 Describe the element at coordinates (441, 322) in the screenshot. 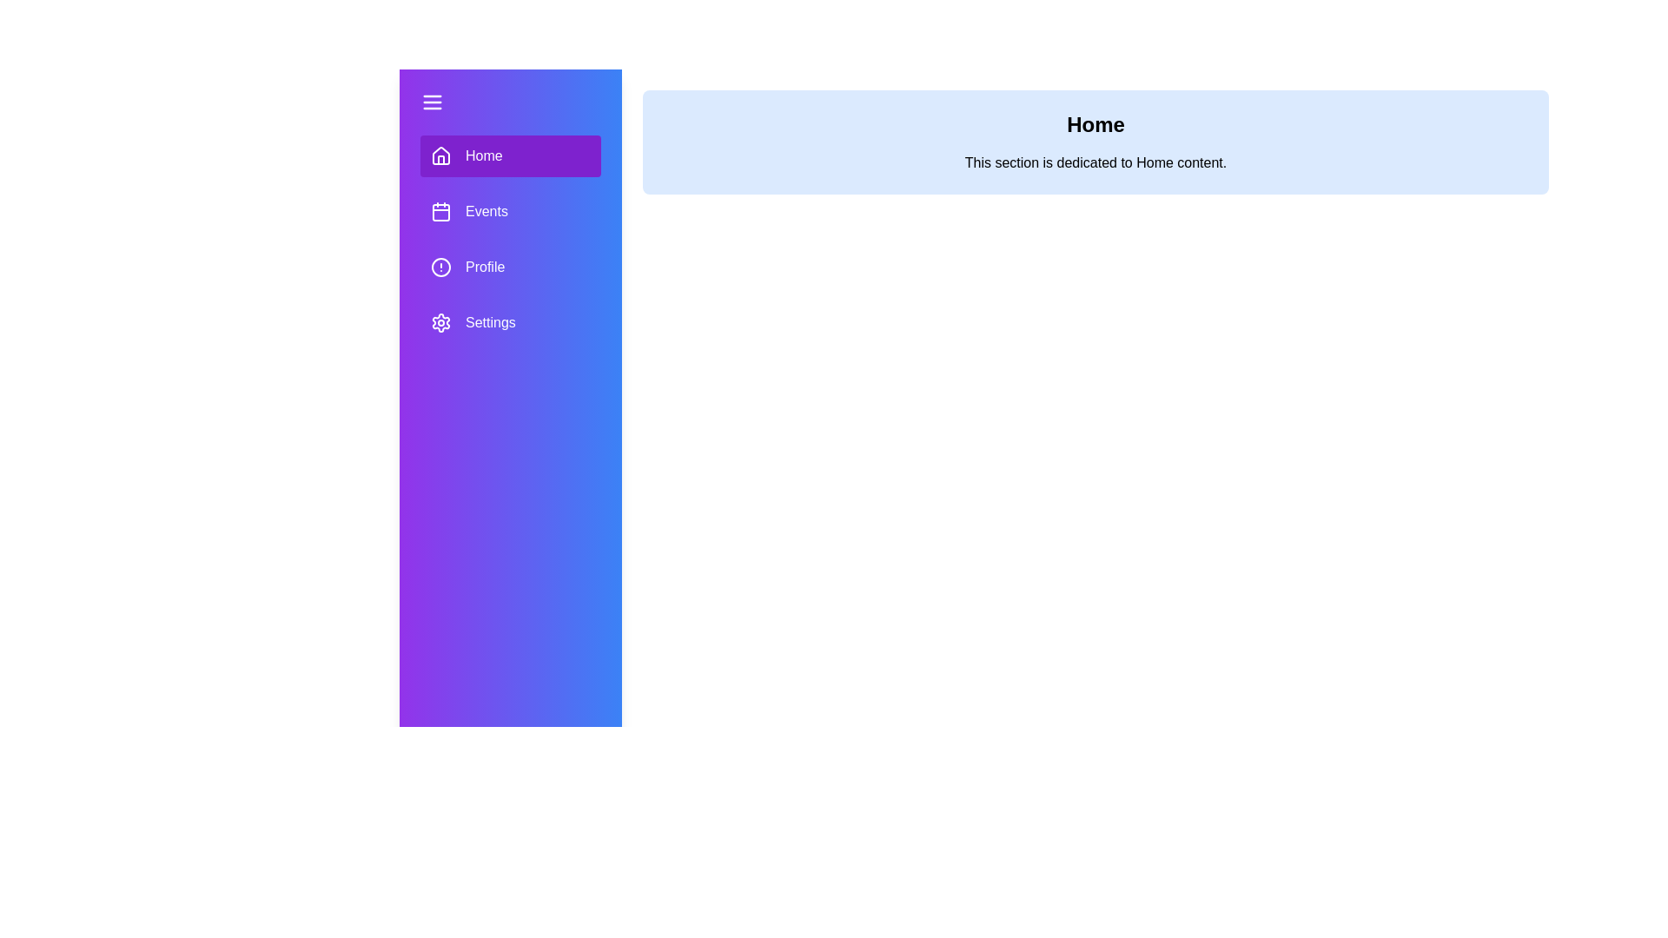

I see `the cogwheel-shaped settings icon located in the sidebar navigation panel` at that location.